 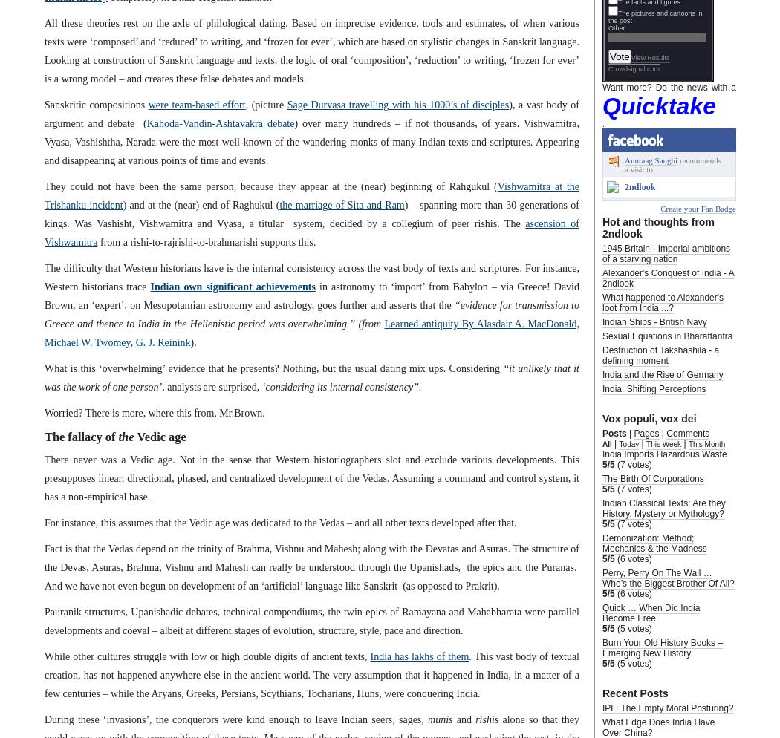 I want to click on ', analysts are surprised,', so click(x=160, y=386).